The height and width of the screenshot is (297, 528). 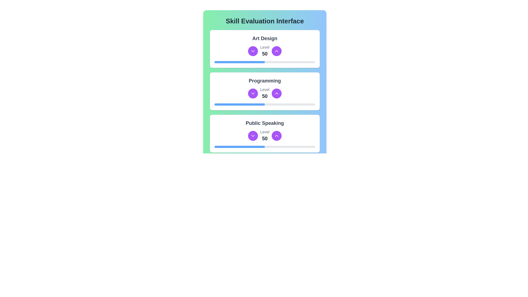 What do you see at coordinates (253, 51) in the screenshot?
I see `the button located to the left of the 'Level 50' text in the 'Art Design' section to decrease the level value` at bounding box center [253, 51].